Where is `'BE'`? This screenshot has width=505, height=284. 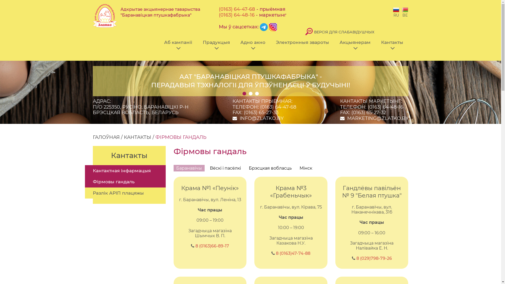 'BE' is located at coordinates (405, 12).